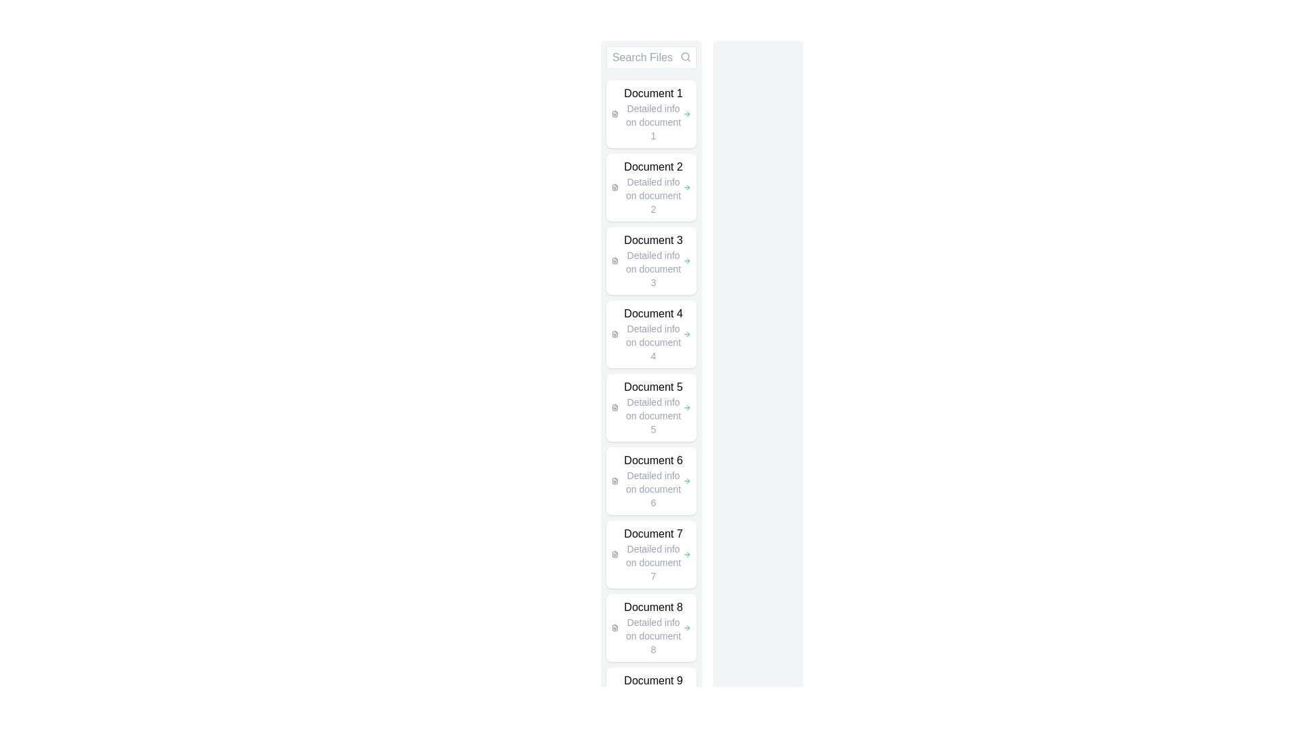  What do you see at coordinates (687, 628) in the screenshot?
I see `the green arrow icon pointing to the right, located at the end of the 'Document 8' entry` at bounding box center [687, 628].